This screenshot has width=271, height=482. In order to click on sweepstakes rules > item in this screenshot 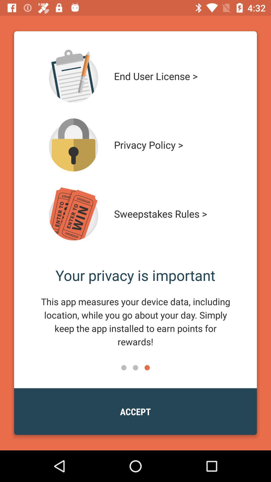, I will do `click(170, 214)`.